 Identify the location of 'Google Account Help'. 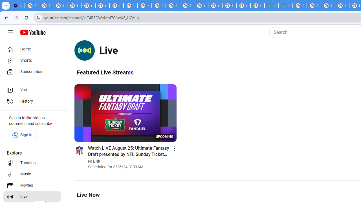
(88, 6).